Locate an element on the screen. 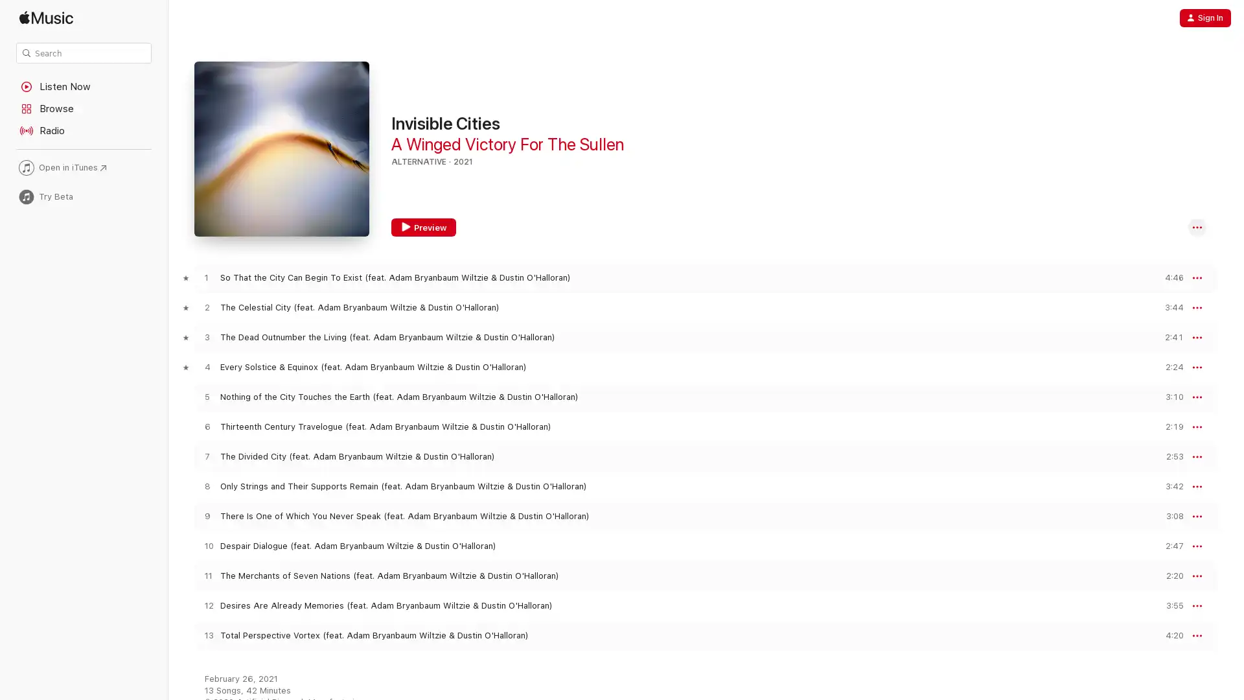  Preview is located at coordinates (1169, 277).